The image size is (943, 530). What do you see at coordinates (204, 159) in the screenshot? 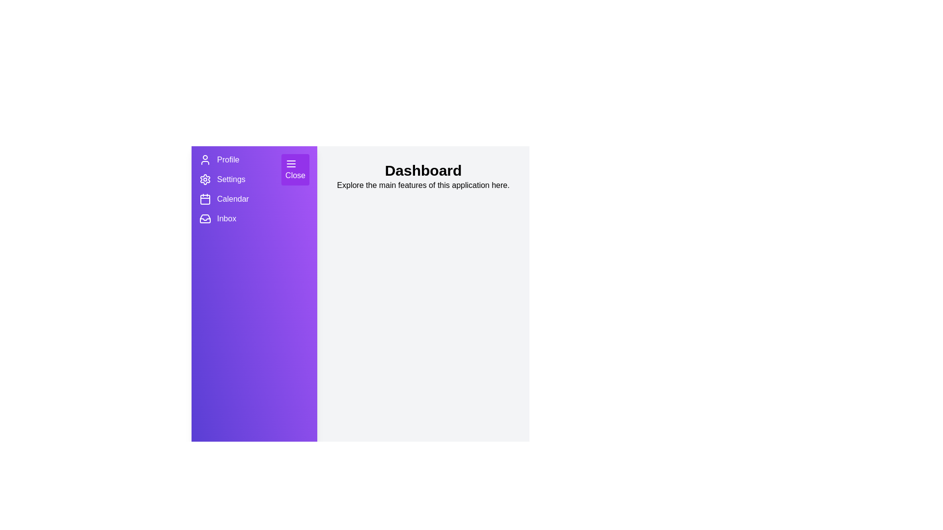
I see `the menu item Profile` at bounding box center [204, 159].